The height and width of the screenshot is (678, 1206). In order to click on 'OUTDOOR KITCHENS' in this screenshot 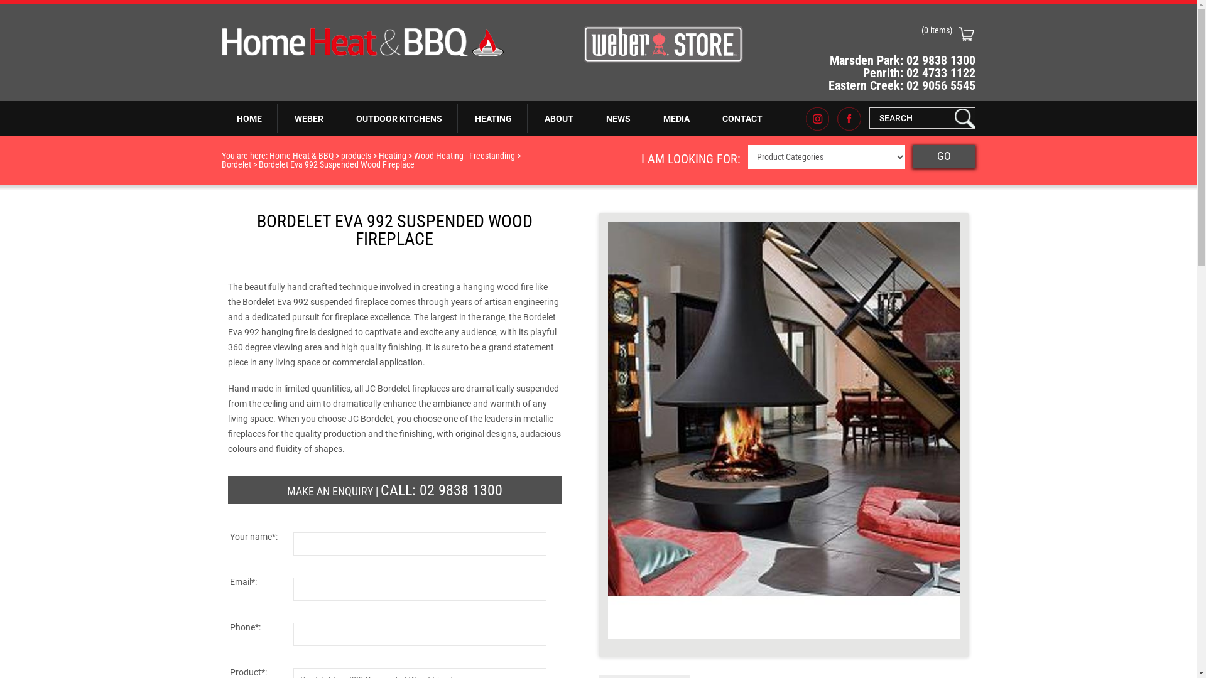, I will do `click(398, 119)`.